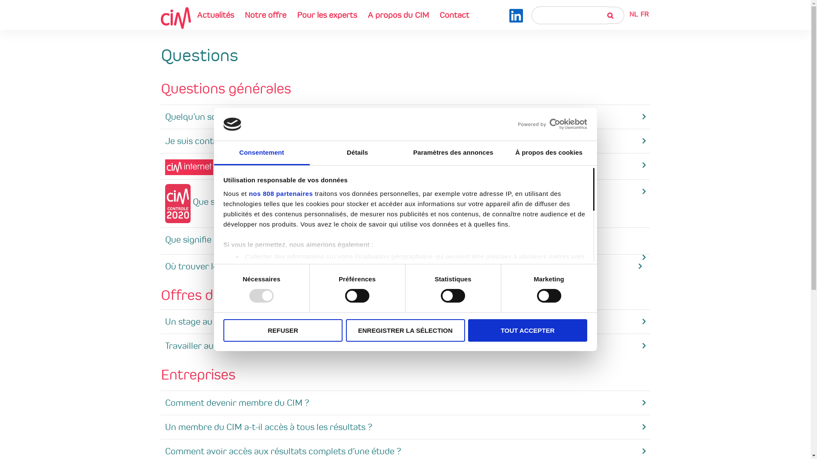 The width and height of the screenshot is (817, 459). Describe the element at coordinates (326, 14) in the screenshot. I see `'Pour les experts'` at that location.